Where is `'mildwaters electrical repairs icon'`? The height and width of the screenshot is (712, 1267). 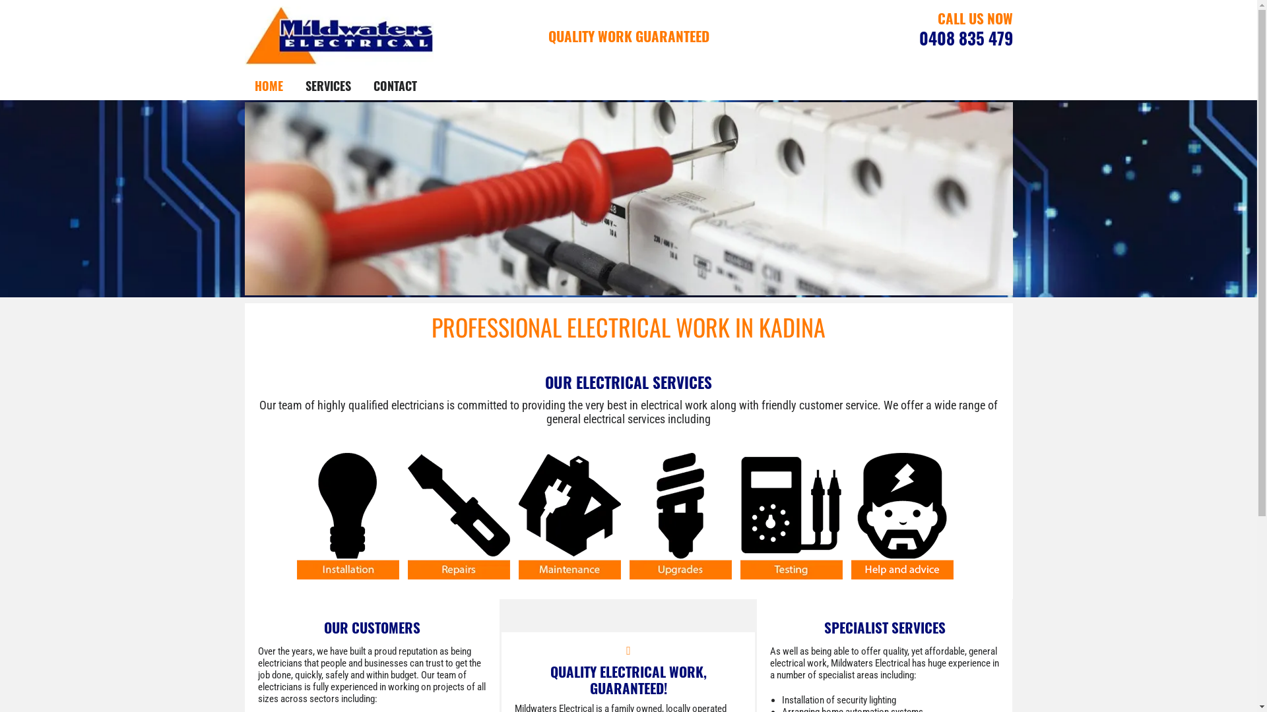 'mildwaters electrical repairs icon' is located at coordinates (459, 516).